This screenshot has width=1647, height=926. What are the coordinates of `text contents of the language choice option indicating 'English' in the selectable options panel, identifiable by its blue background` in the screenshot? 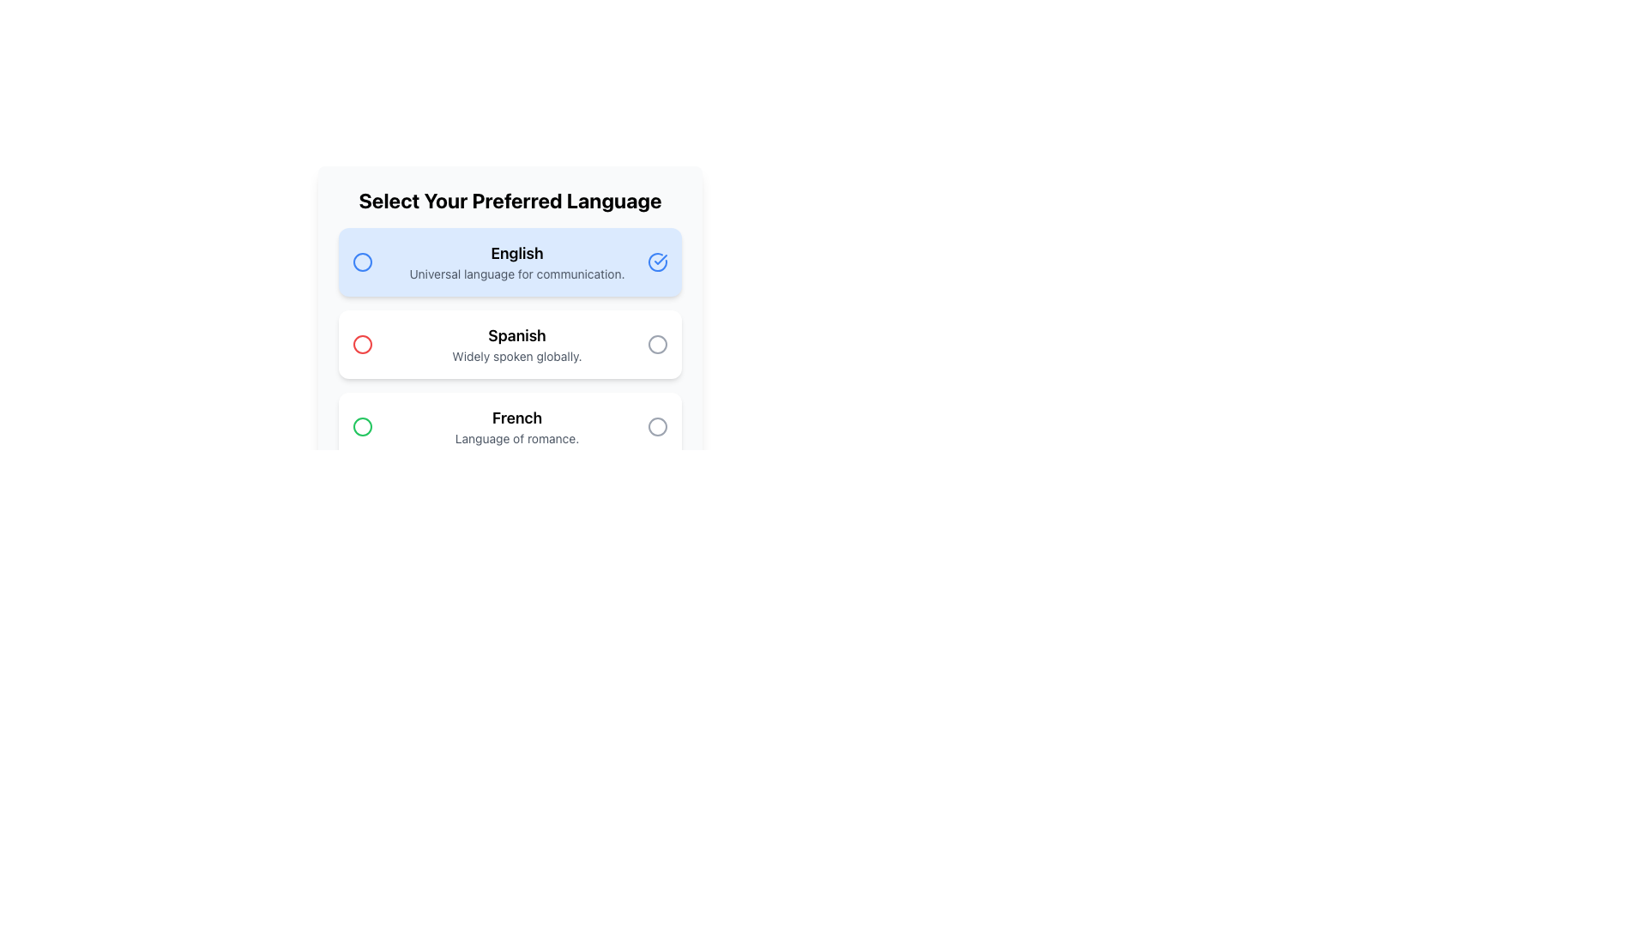 It's located at (516, 262).